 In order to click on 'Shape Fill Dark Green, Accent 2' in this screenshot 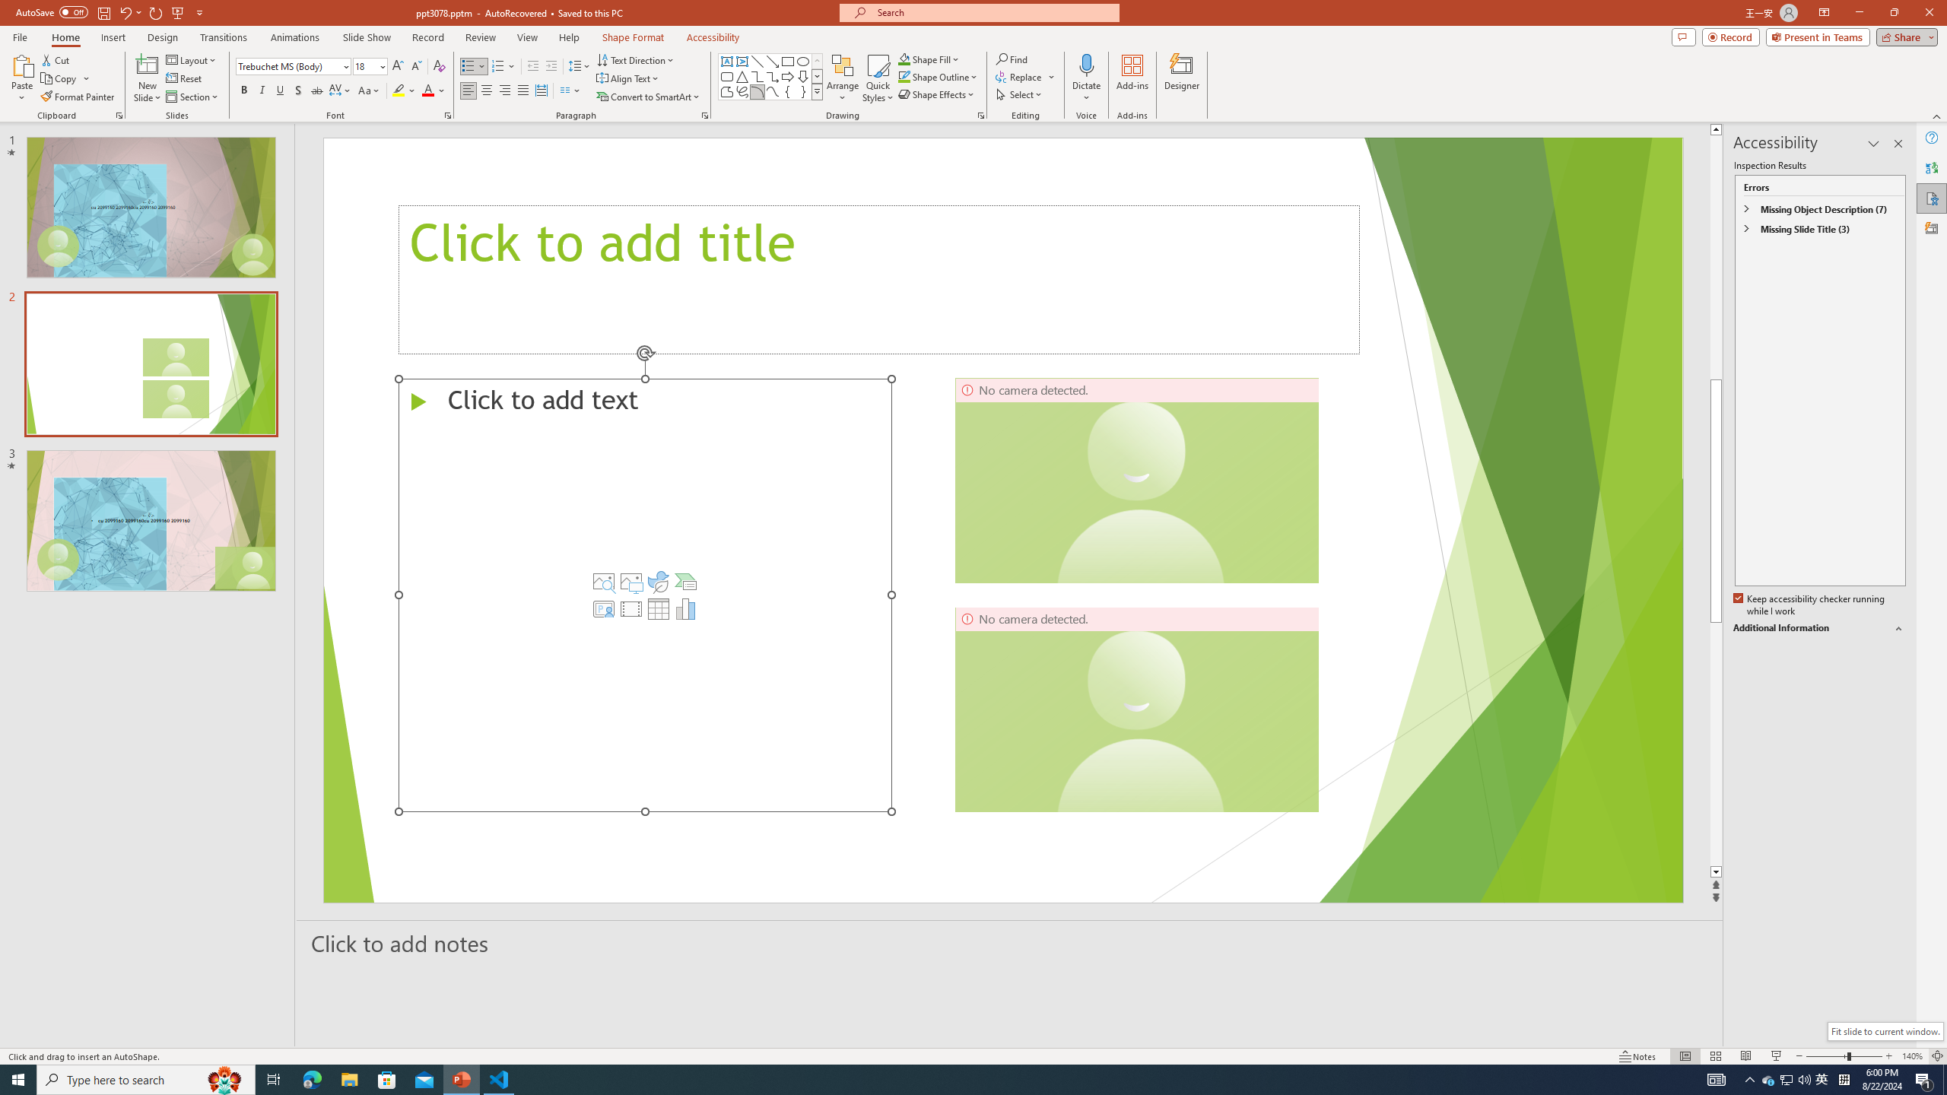, I will do `click(904, 59)`.